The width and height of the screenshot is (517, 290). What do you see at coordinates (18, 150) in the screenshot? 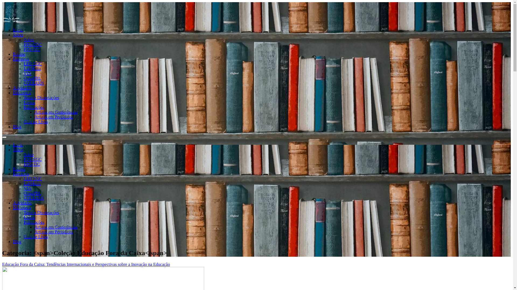
I see `'Sobre'` at bounding box center [18, 150].